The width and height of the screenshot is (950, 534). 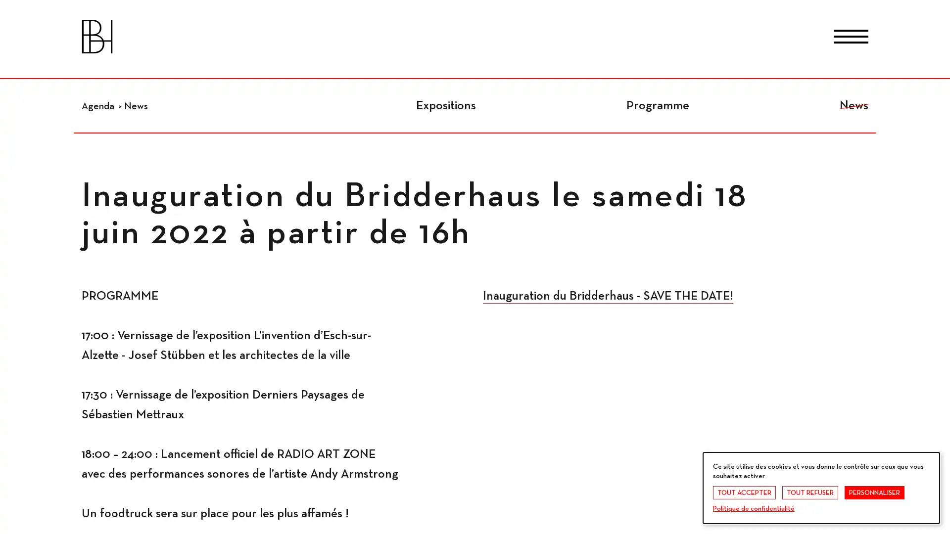 What do you see at coordinates (810, 492) in the screenshot?
I see `TOUT REFUSER` at bounding box center [810, 492].